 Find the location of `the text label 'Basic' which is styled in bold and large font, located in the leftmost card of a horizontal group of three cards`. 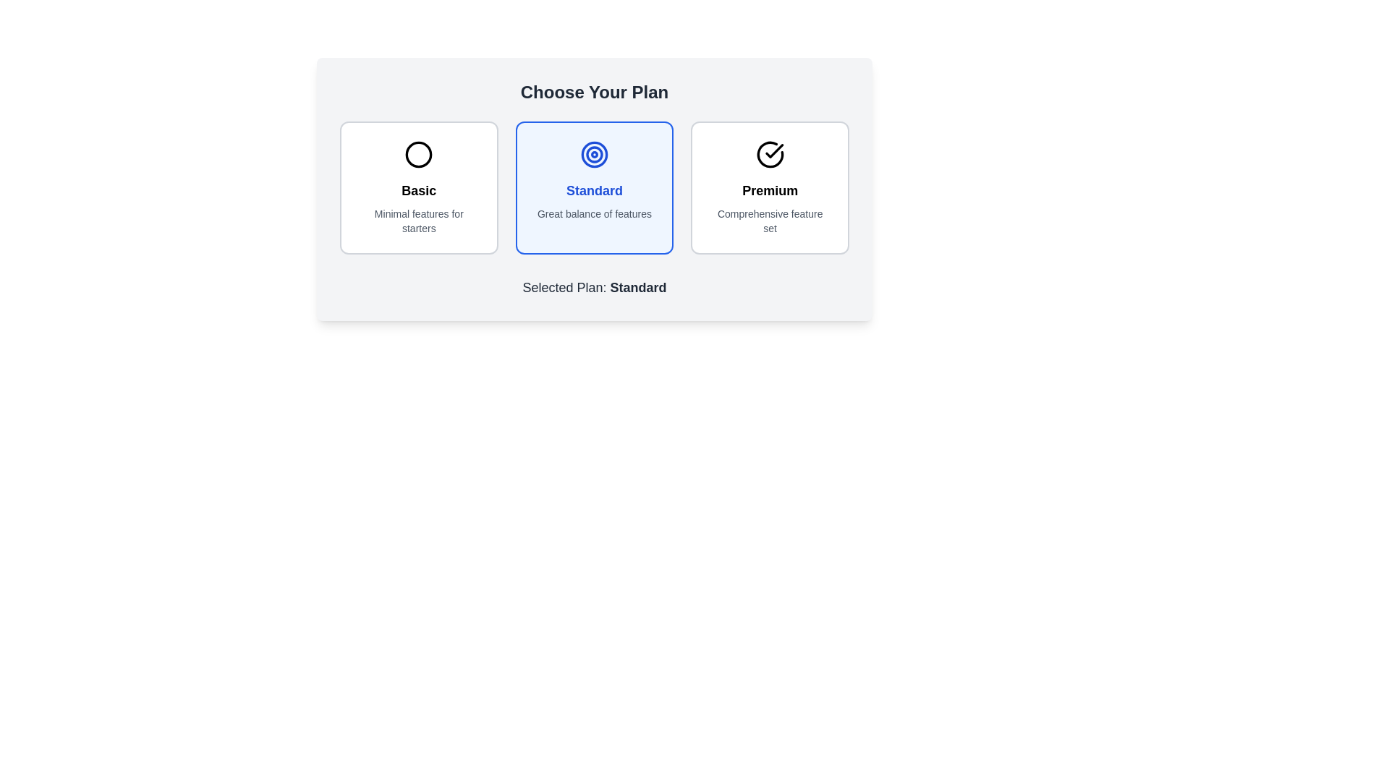

the text label 'Basic' which is styled in bold and large font, located in the leftmost card of a horizontal group of three cards is located at coordinates (418, 189).